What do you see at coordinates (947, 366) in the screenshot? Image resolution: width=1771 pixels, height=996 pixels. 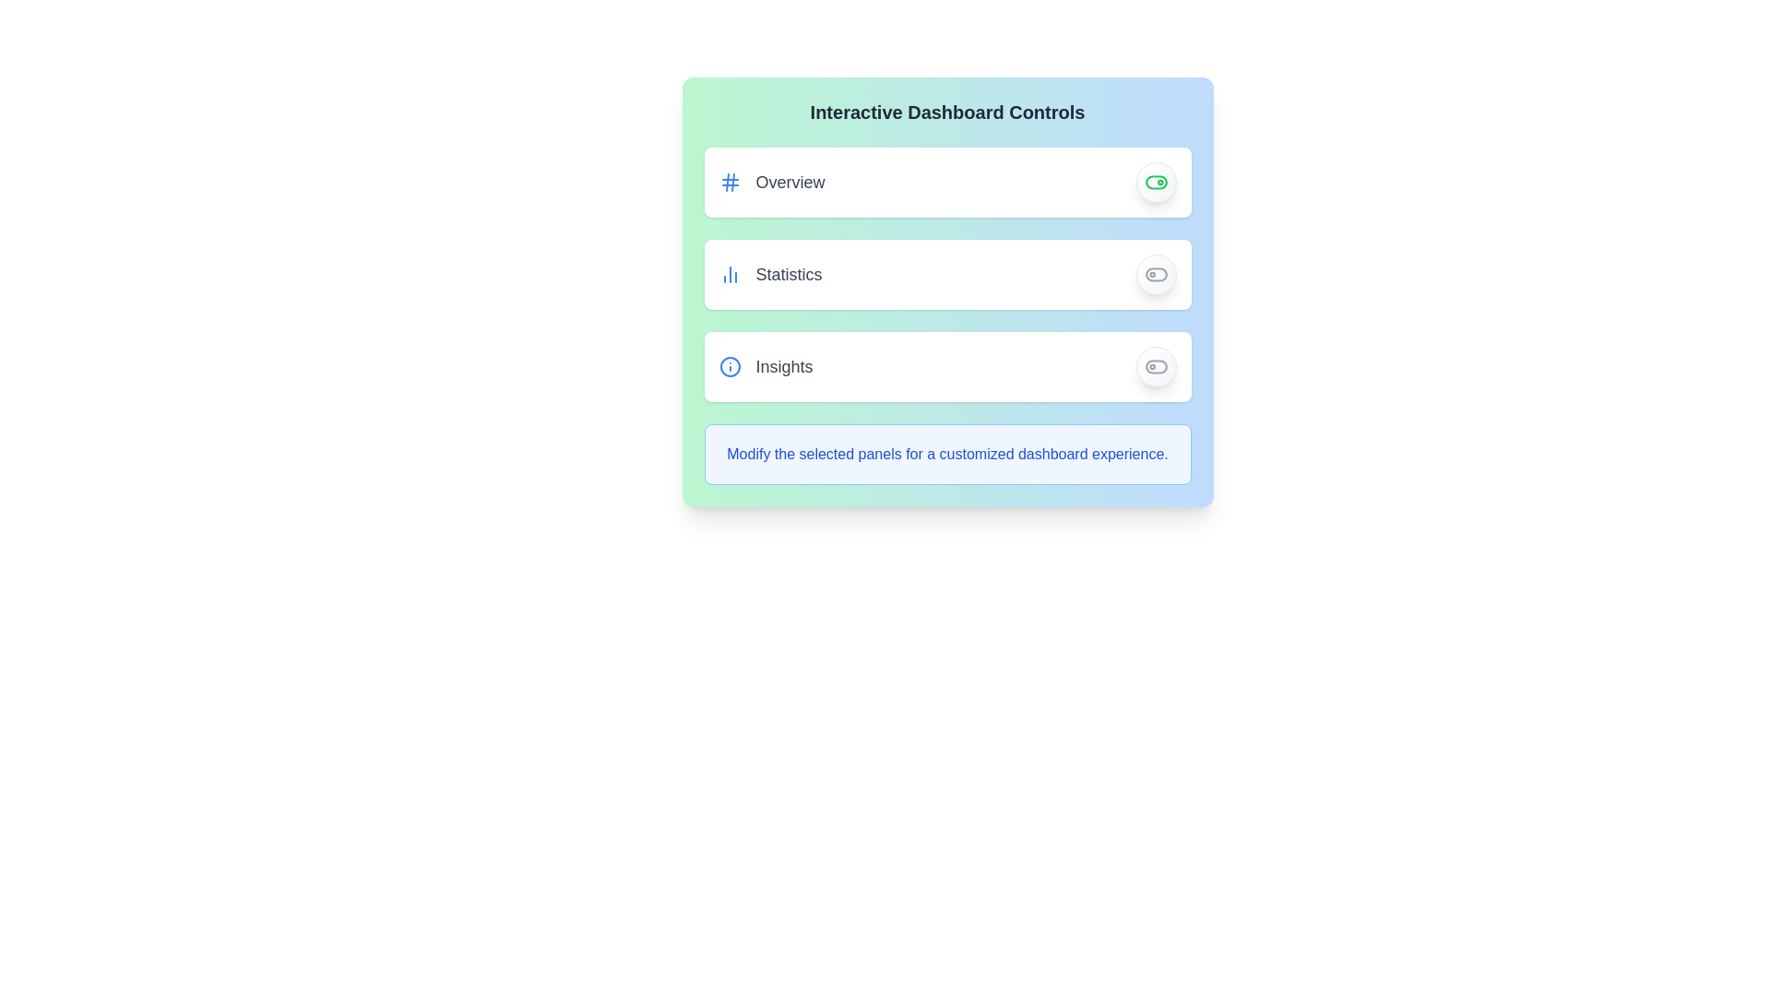 I see `the 'Insights' option button in the 'Interactive Dashboard Controls' section` at bounding box center [947, 366].